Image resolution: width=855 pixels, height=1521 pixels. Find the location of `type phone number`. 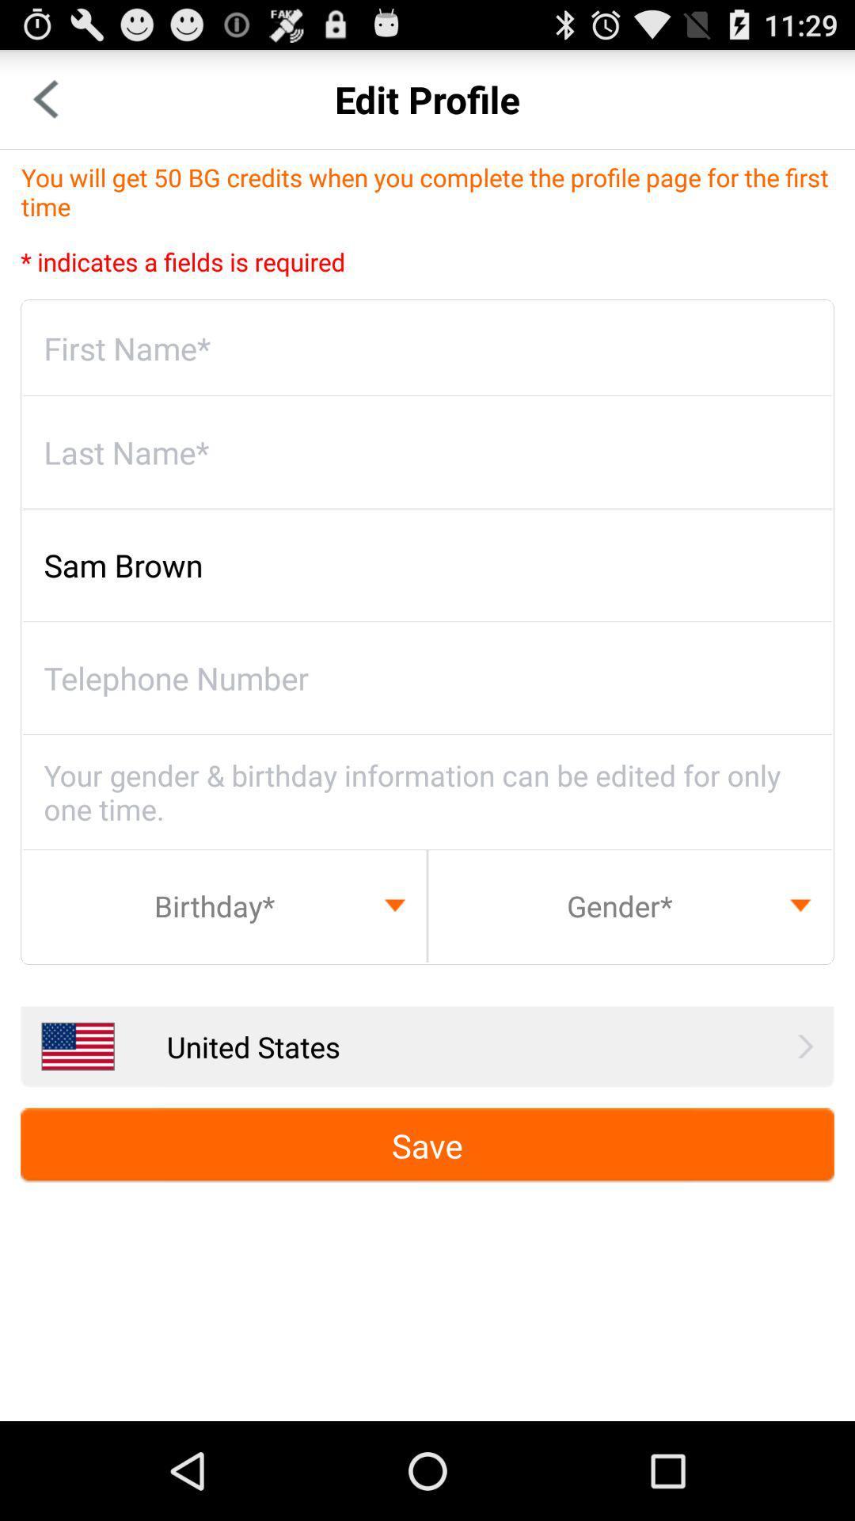

type phone number is located at coordinates (427, 678).